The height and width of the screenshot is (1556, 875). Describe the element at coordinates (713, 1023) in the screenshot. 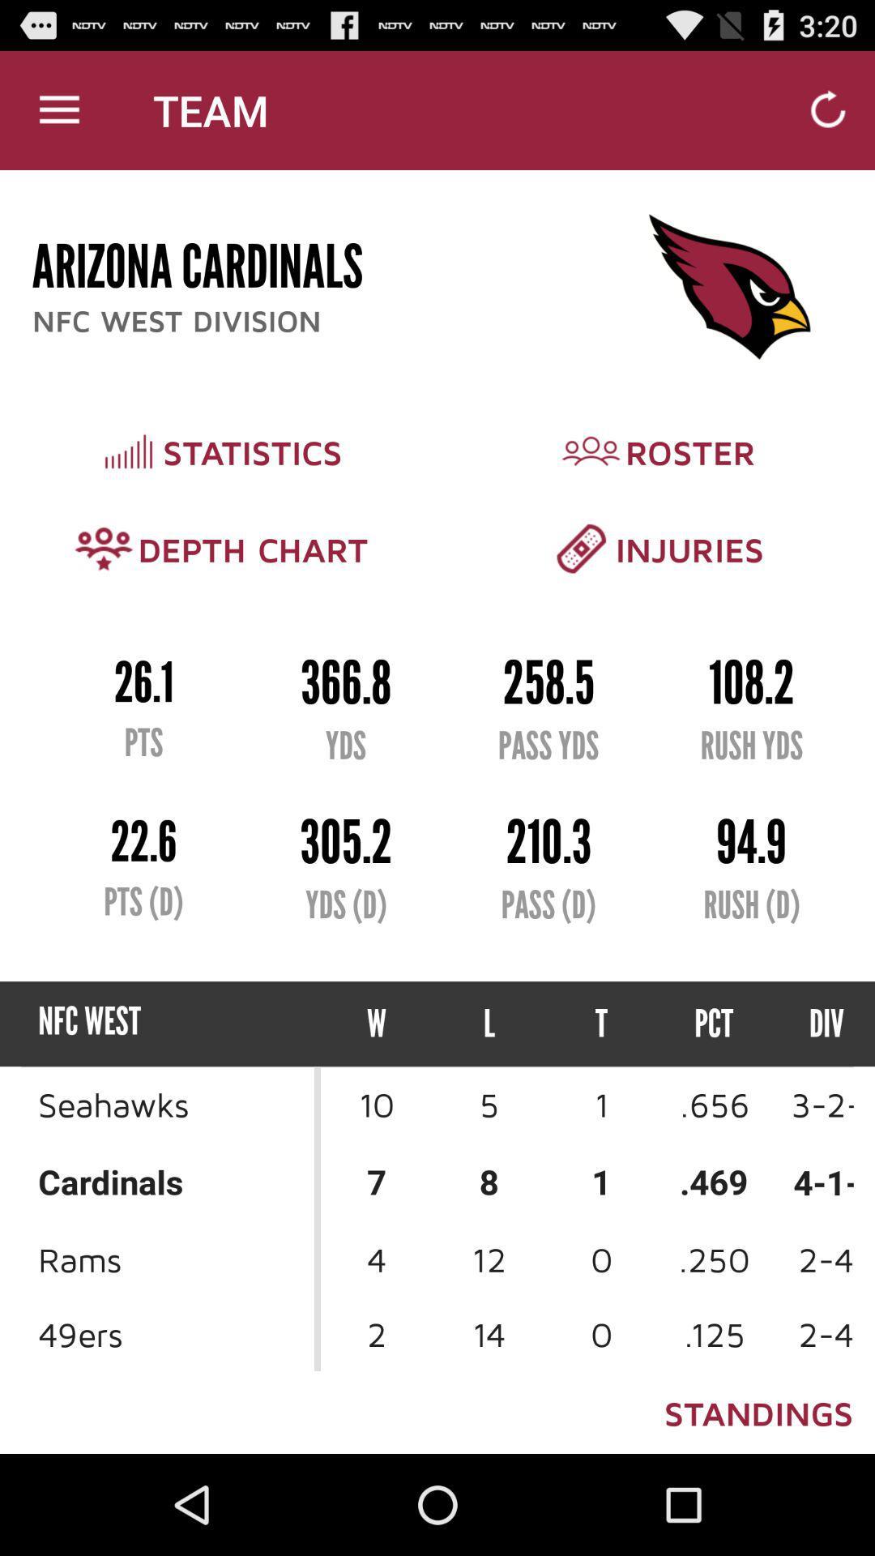

I see `item next to div icon` at that location.